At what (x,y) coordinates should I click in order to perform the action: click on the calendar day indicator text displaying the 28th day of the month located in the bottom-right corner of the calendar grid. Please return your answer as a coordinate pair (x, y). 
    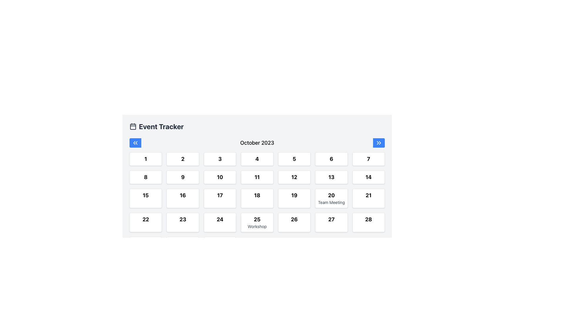
    Looking at the image, I should click on (368, 220).